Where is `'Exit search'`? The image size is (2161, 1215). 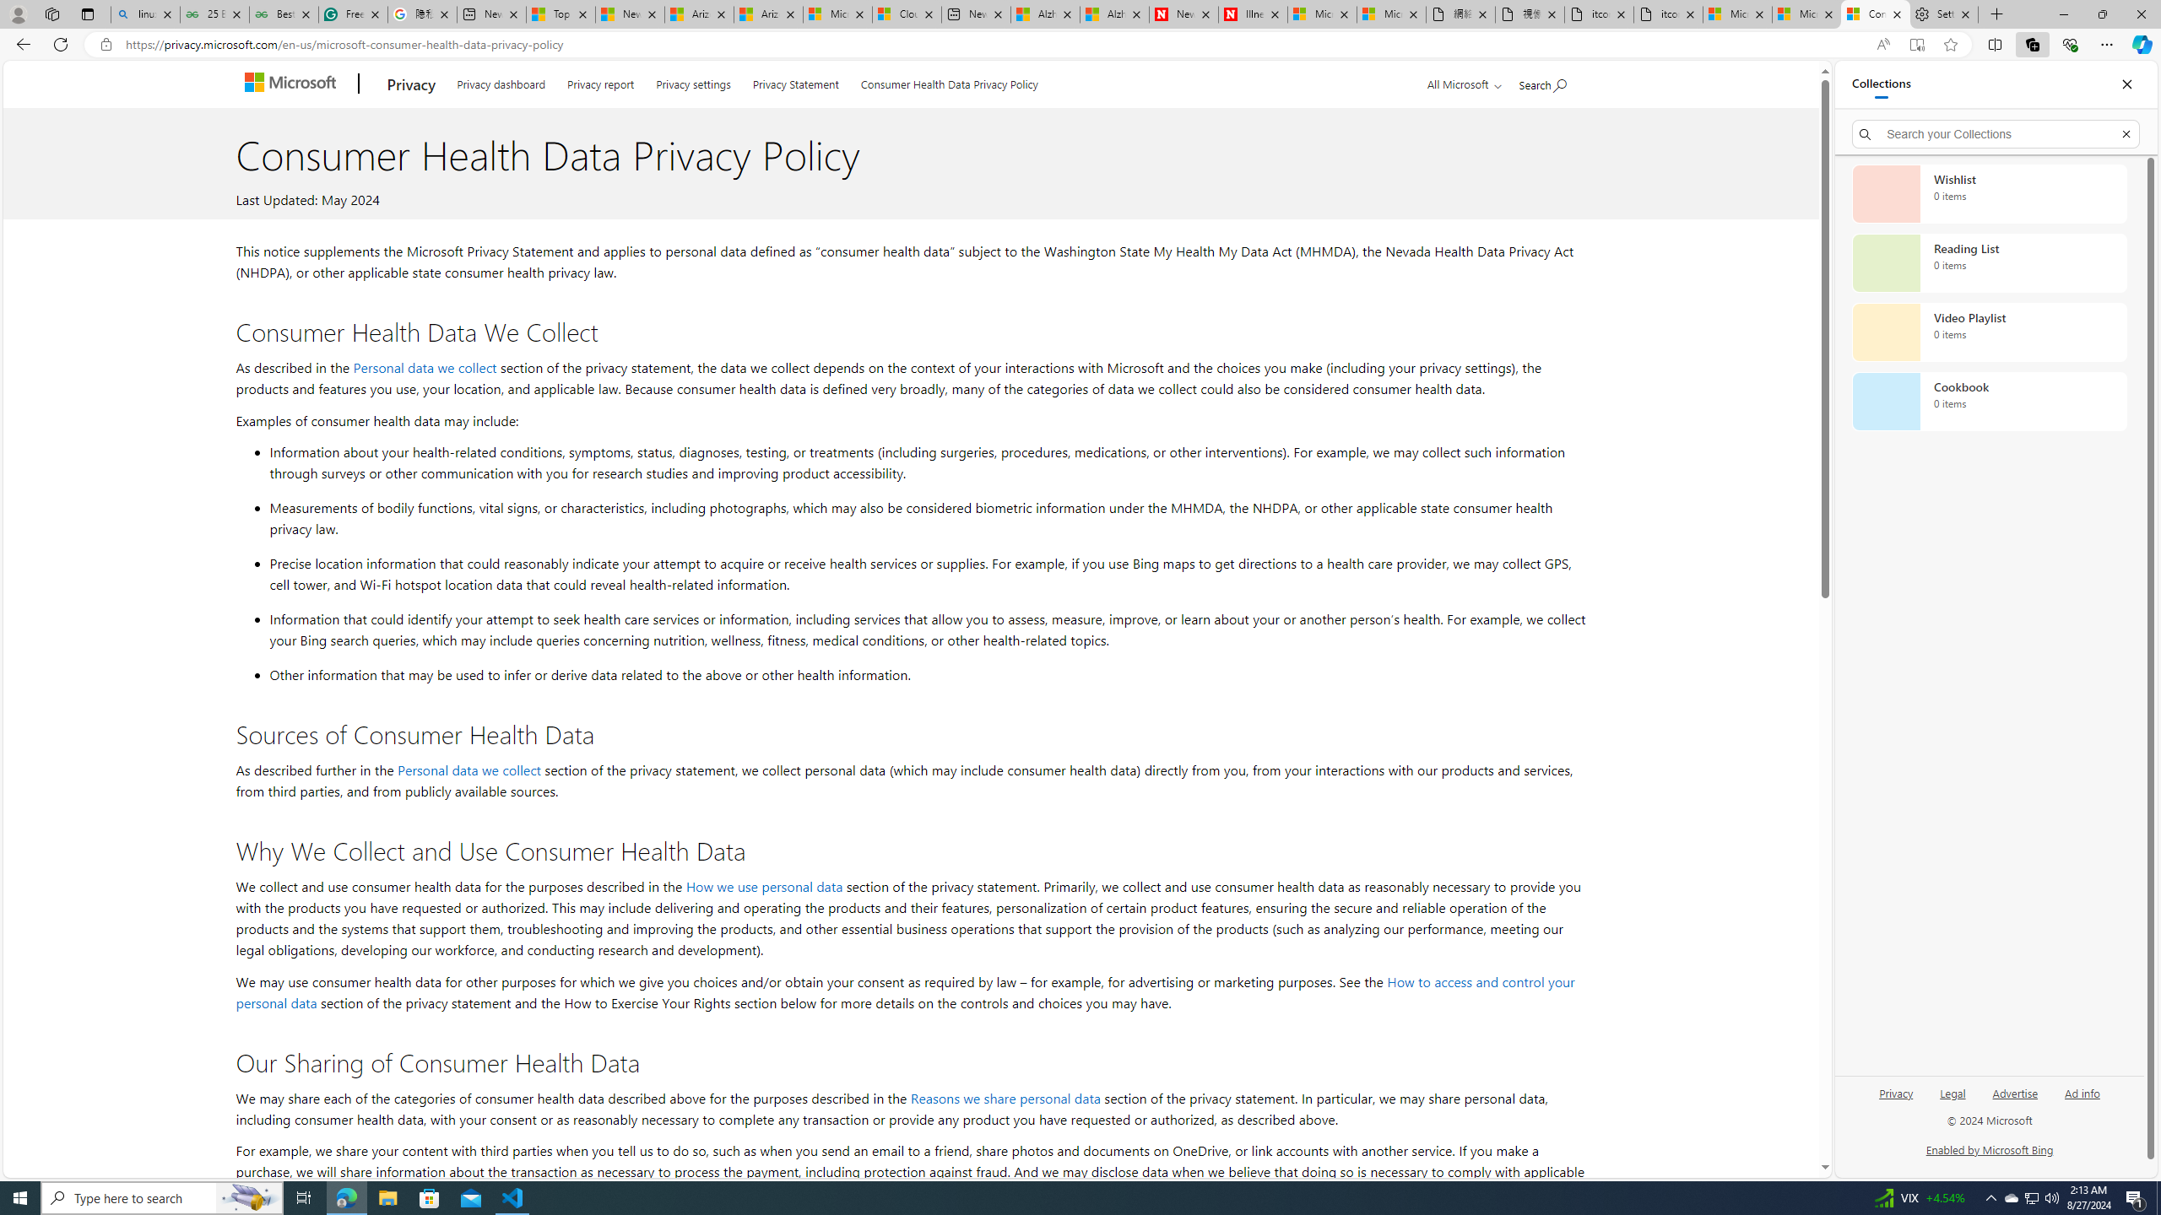 'Exit search' is located at coordinates (2126, 133).